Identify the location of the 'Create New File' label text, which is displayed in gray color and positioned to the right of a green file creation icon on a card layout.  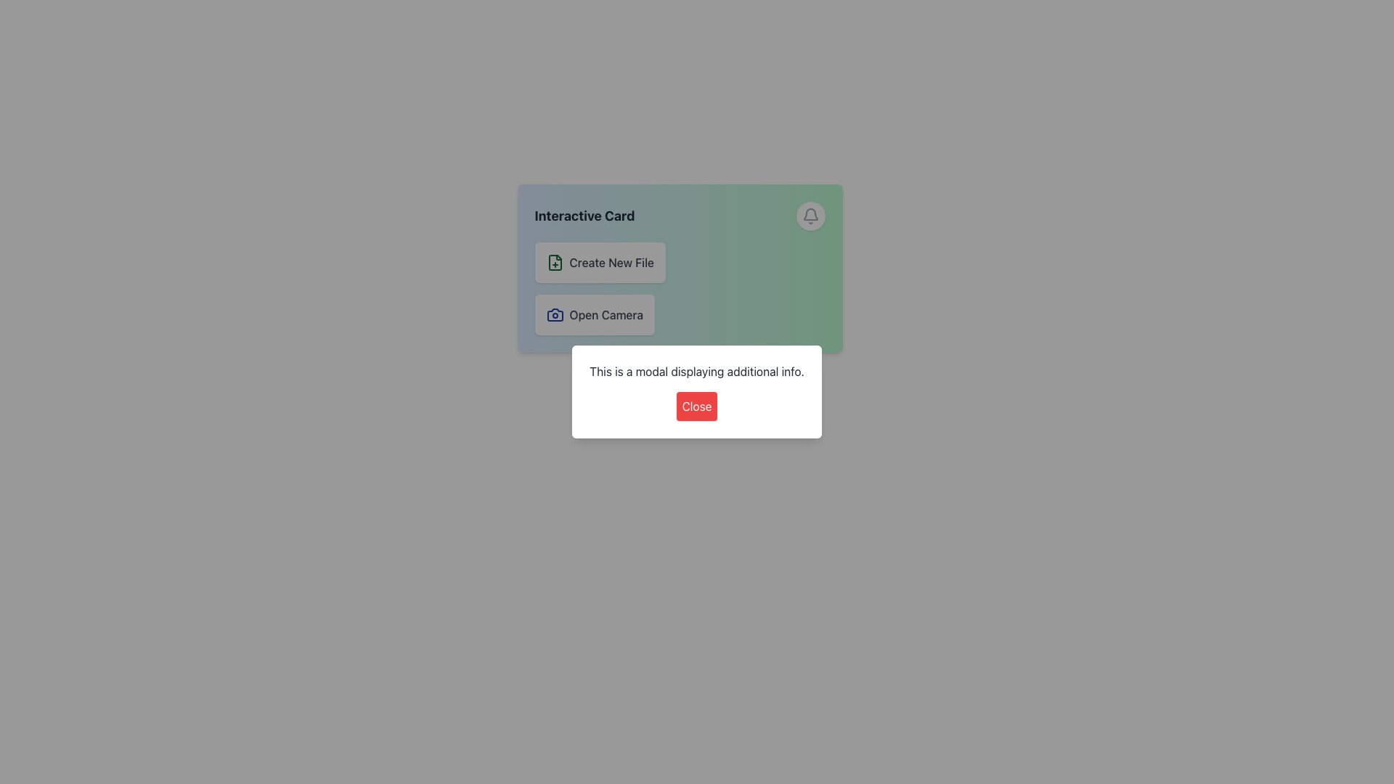
(611, 263).